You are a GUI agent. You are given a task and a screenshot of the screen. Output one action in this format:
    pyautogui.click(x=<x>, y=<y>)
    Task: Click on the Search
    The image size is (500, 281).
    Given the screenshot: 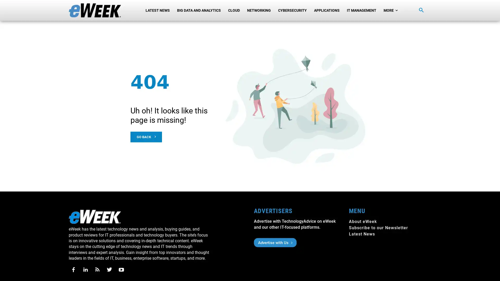 What is the action you would take?
    pyautogui.click(x=421, y=10)
    